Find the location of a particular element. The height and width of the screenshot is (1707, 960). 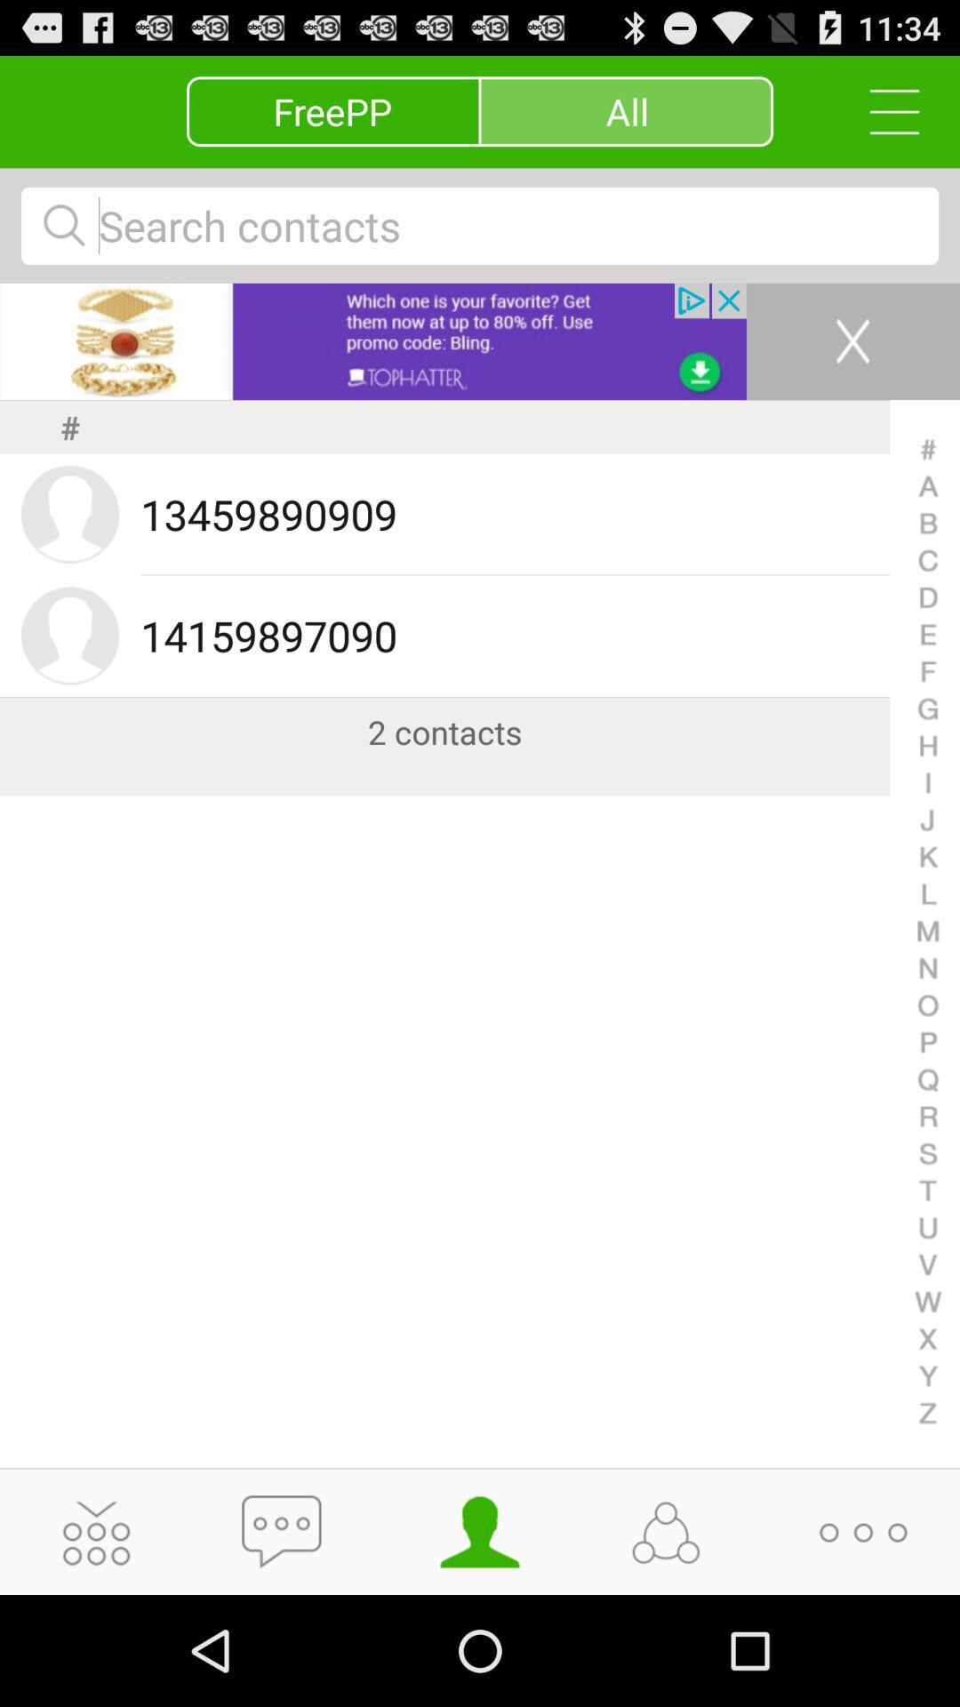

the menu icon is located at coordinates (884, 118).